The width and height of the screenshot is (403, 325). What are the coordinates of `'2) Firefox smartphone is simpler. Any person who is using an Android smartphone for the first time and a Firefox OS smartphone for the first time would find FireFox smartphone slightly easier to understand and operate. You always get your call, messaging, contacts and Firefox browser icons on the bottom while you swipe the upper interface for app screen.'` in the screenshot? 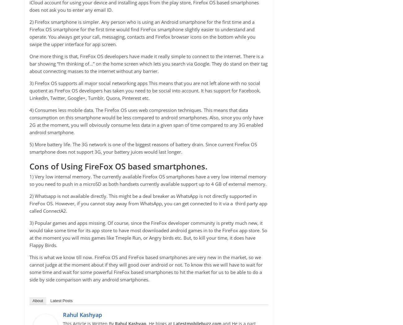 It's located at (142, 33).